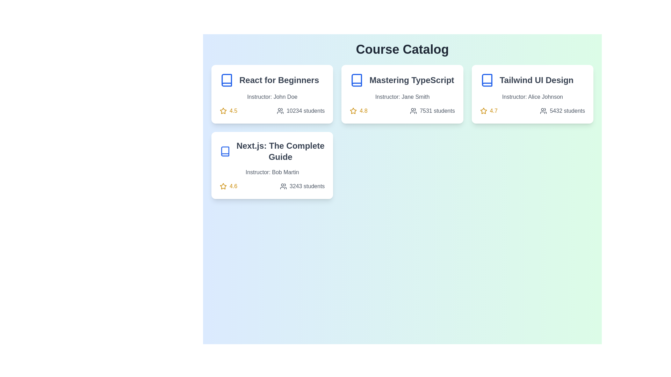  What do you see at coordinates (357, 80) in the screenshot?
I see `the blue book icon for the 'Mastering TypeScript' course located in the upper right section of the course list grid` at bounding box center [357, 80].